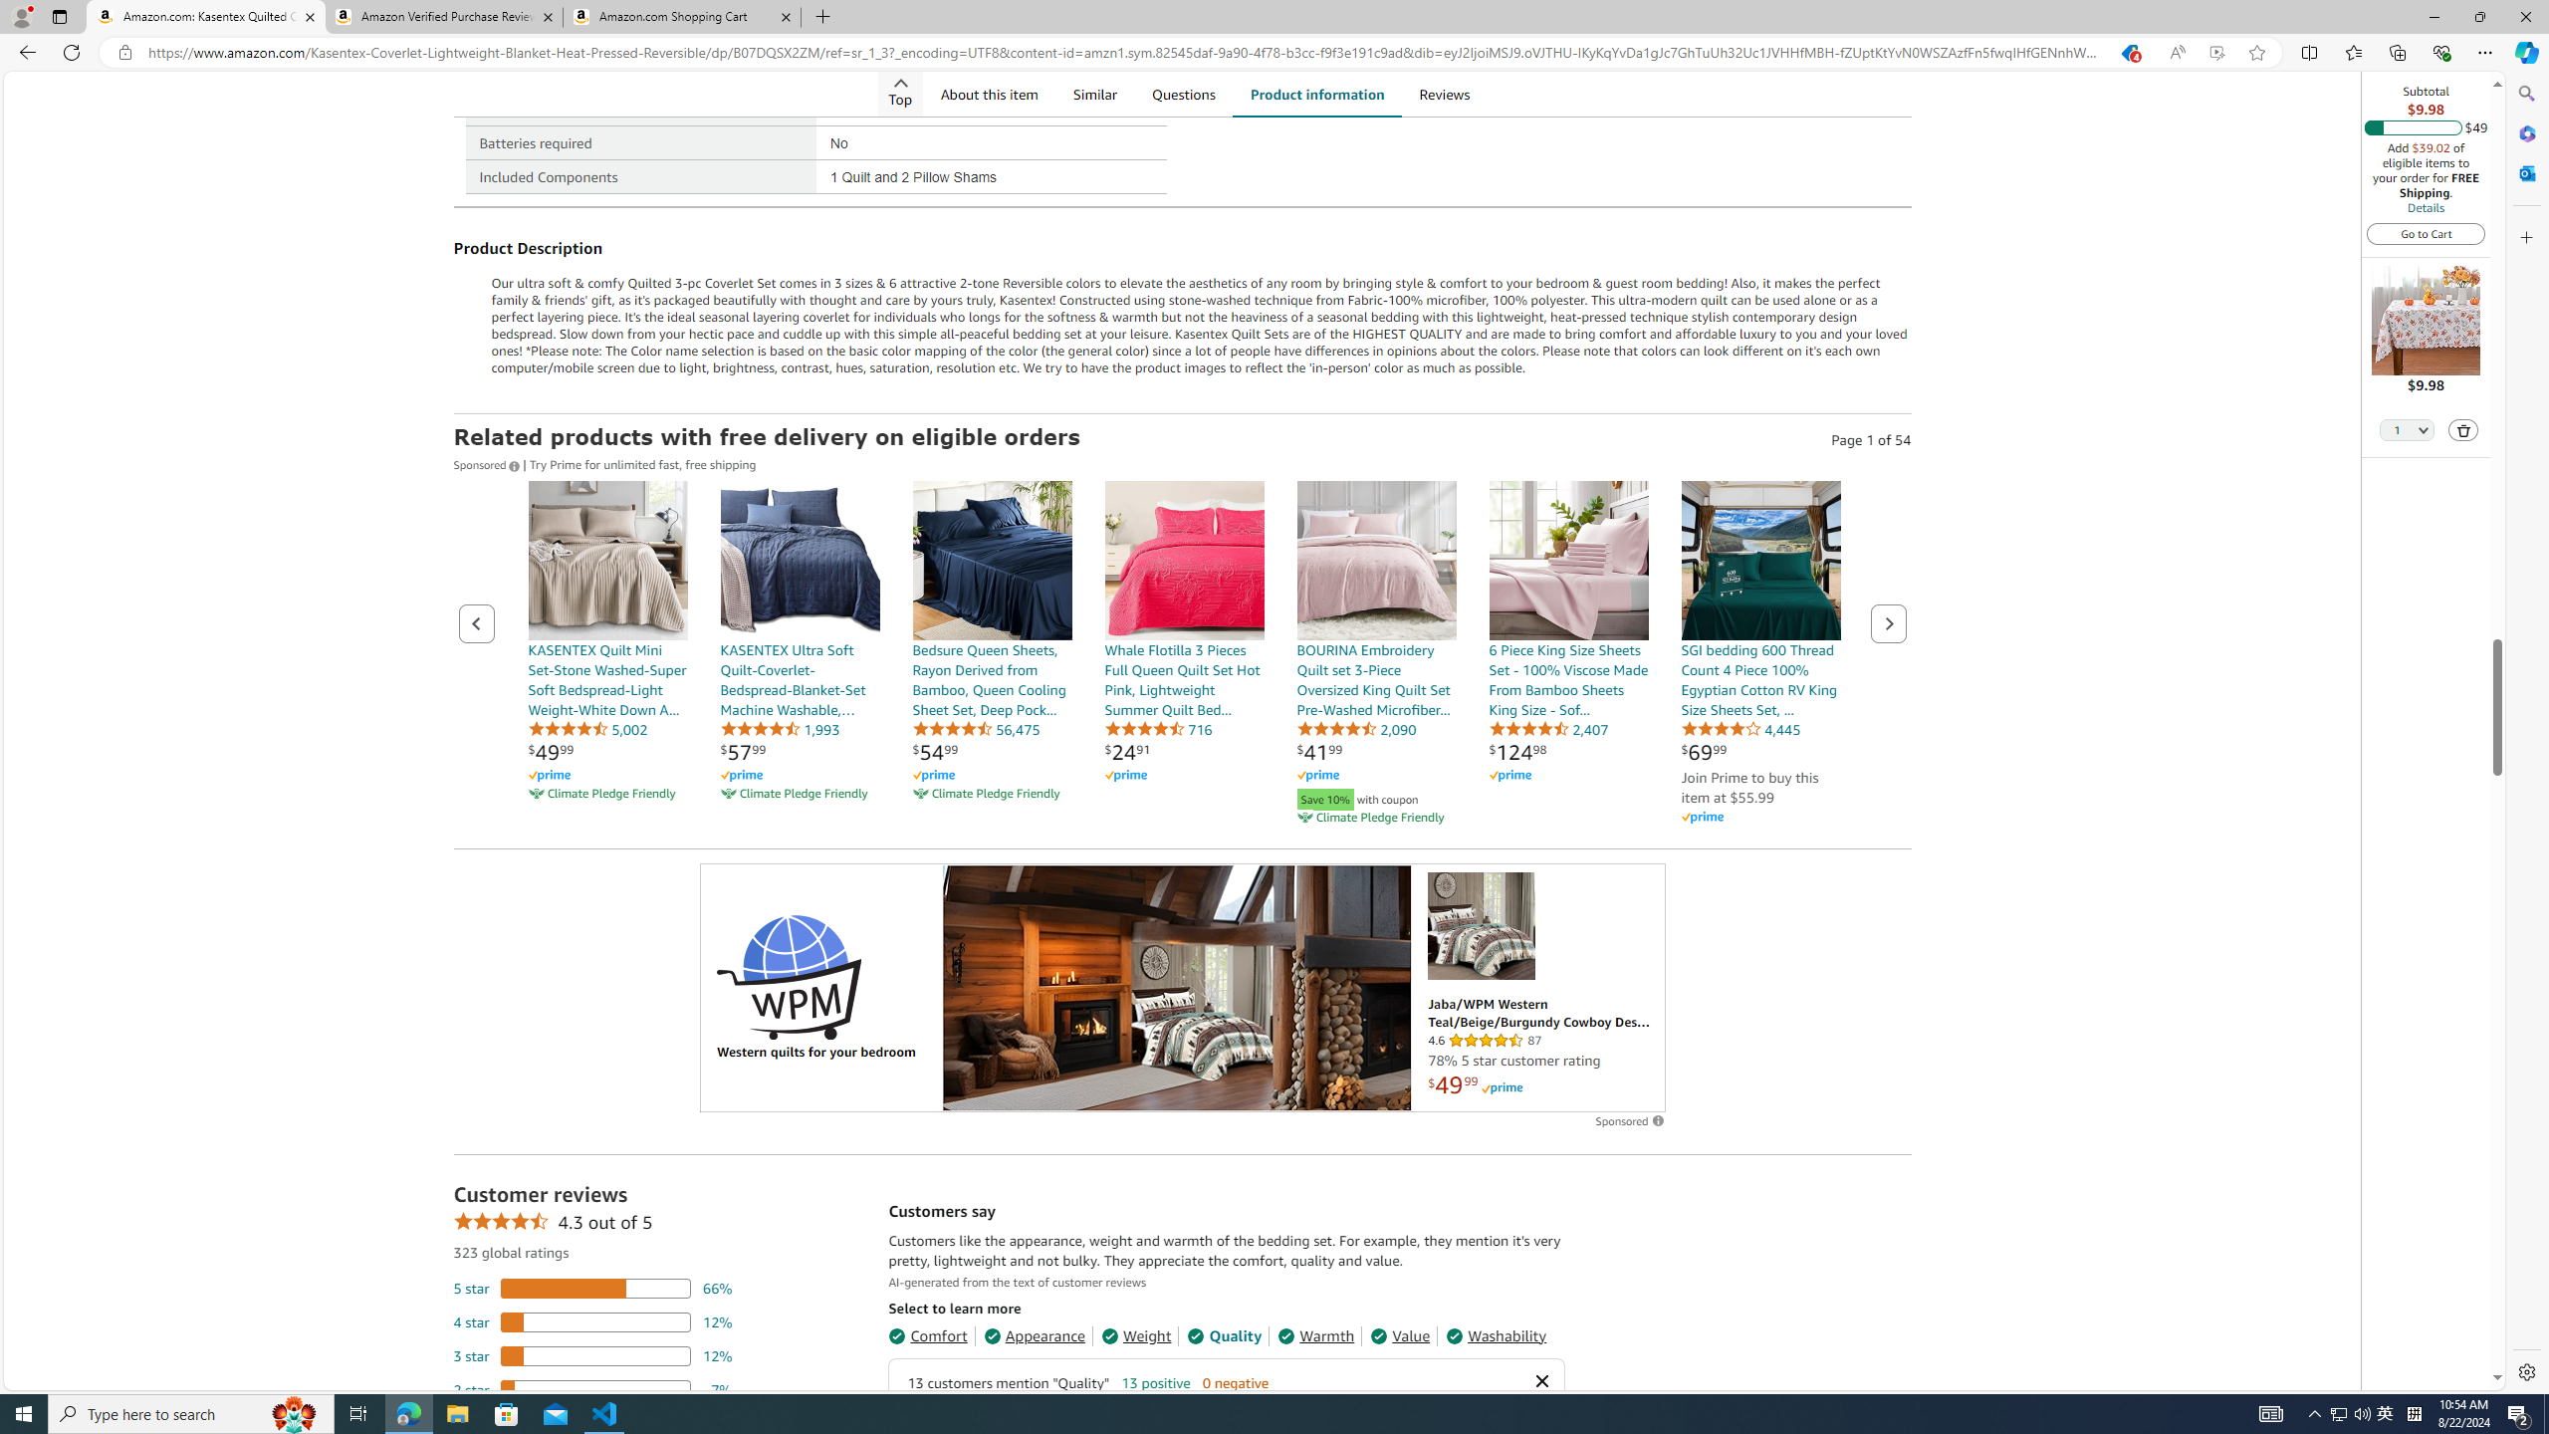  What do you see at coordinates (475, 622) in the screenshot?
I see `'Previous page of related Sponsored Products'` at bounding box center [475, 622].